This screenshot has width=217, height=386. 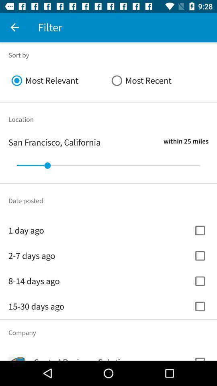 What do you see at coordinates (14, 27) in the screenshot?
I see `the icon next to the filter icon` at bounding box center [14, 27].